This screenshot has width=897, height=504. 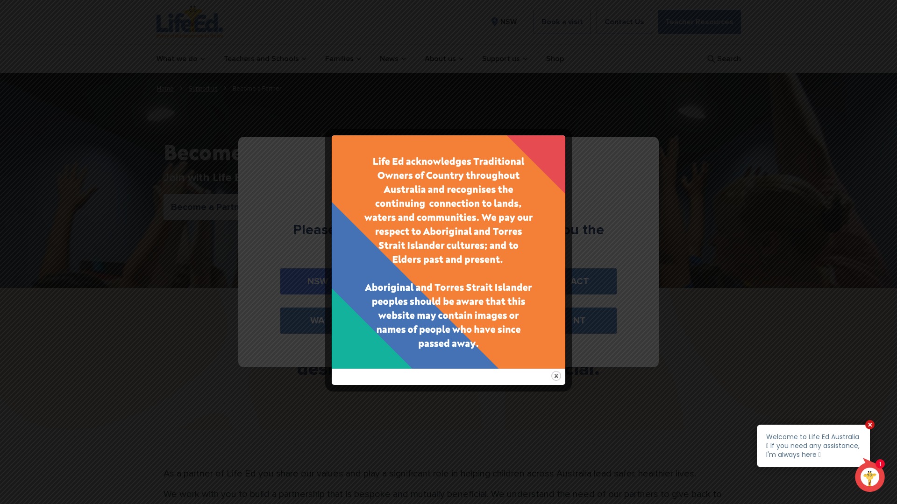 I want to click on 'Search', so click(x=722, y=59).